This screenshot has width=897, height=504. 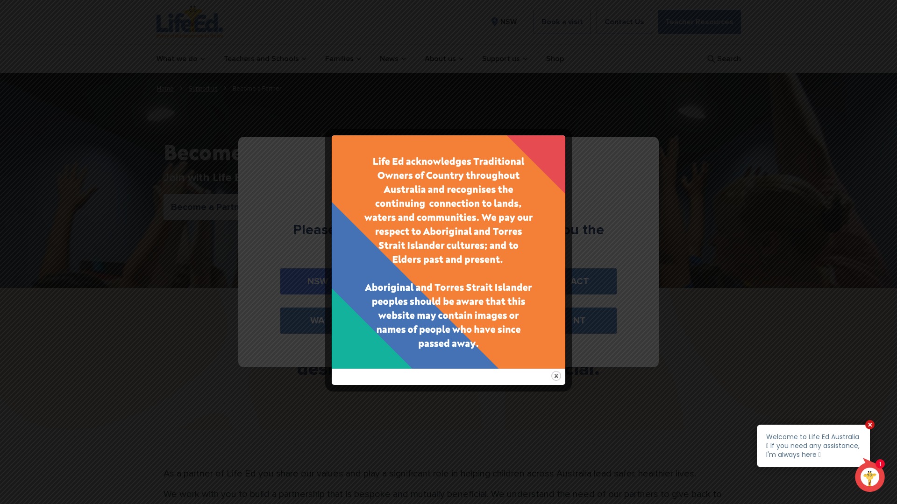 I want to click on 'Search', so click(x=722, y=59).